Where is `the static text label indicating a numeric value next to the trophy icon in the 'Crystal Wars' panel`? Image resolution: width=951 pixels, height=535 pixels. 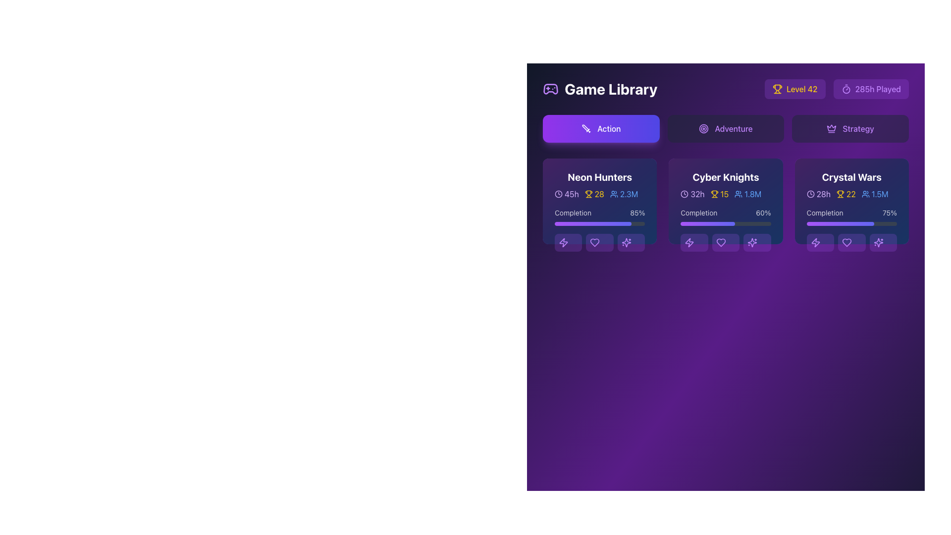
the static text label indicating a numeric value next to the trophy icon in the 'Crystal Wars' panel is located at coordinates (850, 194).